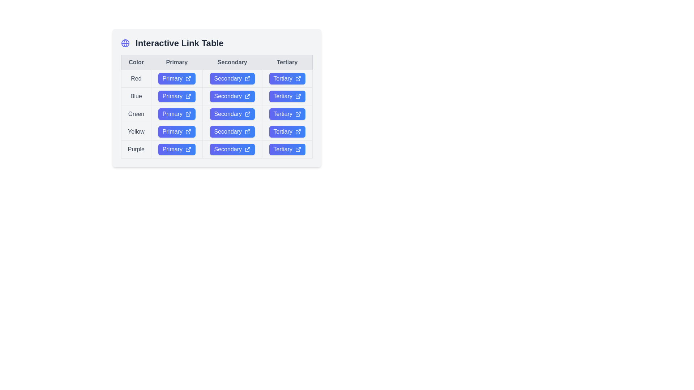  What do you see at coordinates (287, 132) in the screenshot?
I see `the 'Tertiary' button with an indigo to blue gradient, located in the fourth row of the 'Interactive Link Table', for visual feedback` at bounding box center [287, 132].